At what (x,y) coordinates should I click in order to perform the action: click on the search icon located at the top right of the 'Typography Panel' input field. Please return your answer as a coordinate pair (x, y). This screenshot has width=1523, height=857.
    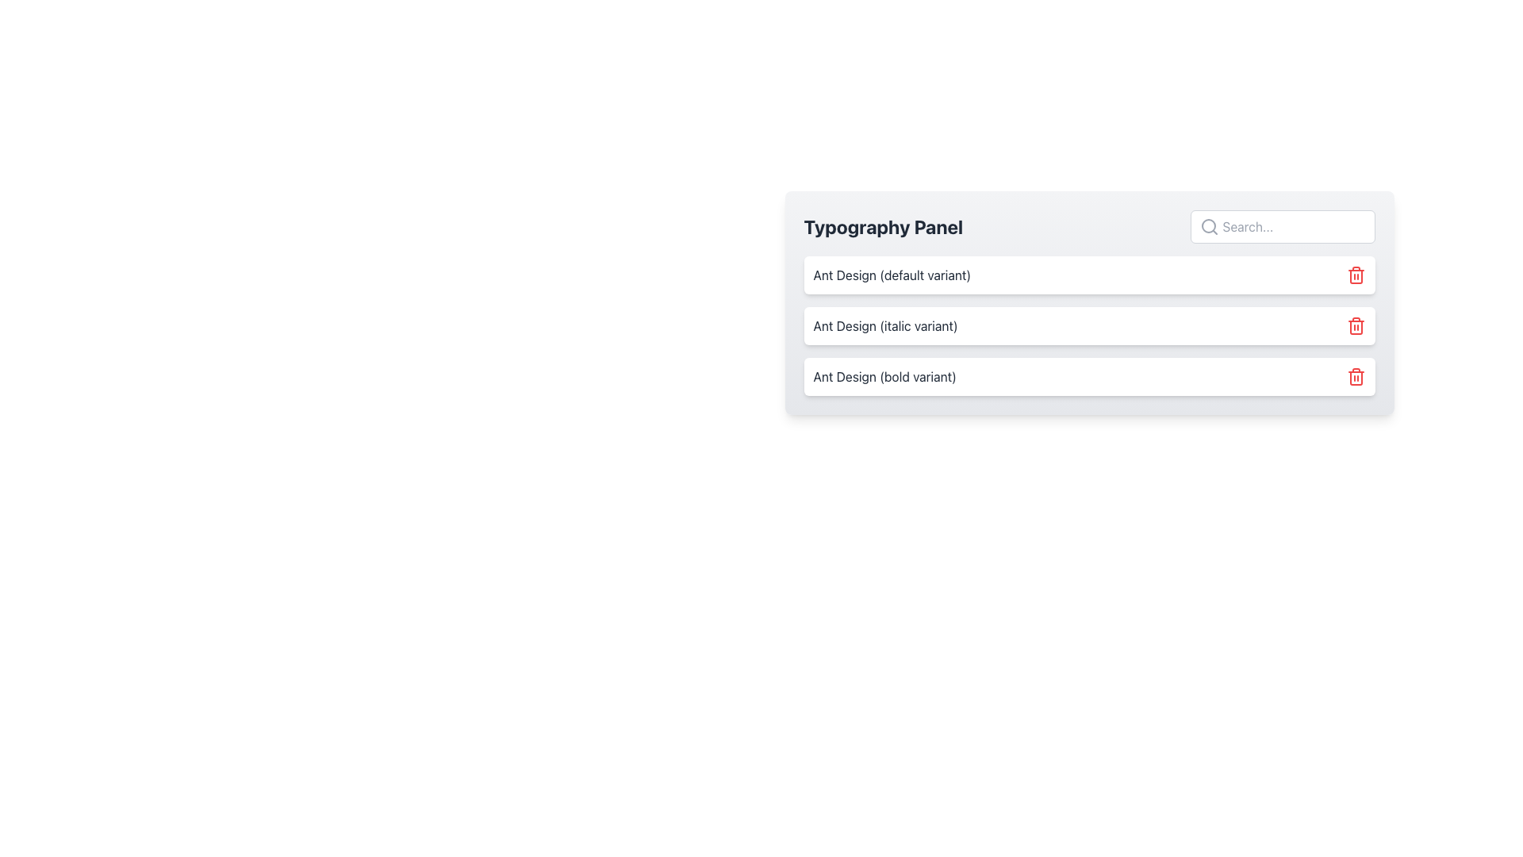
    Looking at the image, I should click on (1208, 226).